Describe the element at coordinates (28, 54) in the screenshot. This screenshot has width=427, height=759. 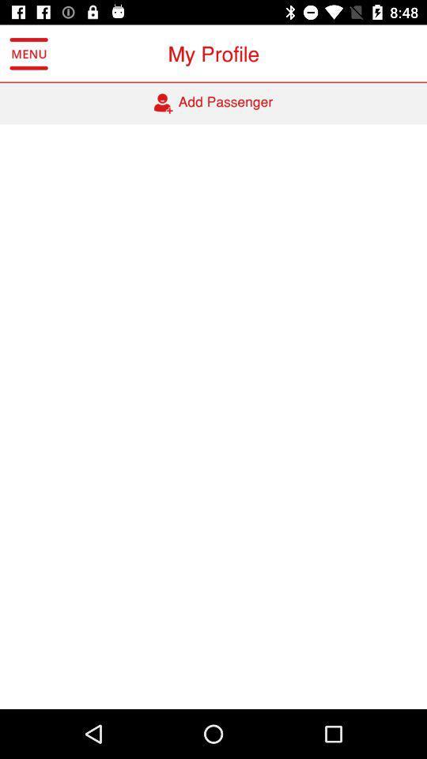
I see `the item next to the add passenger item` at that location.